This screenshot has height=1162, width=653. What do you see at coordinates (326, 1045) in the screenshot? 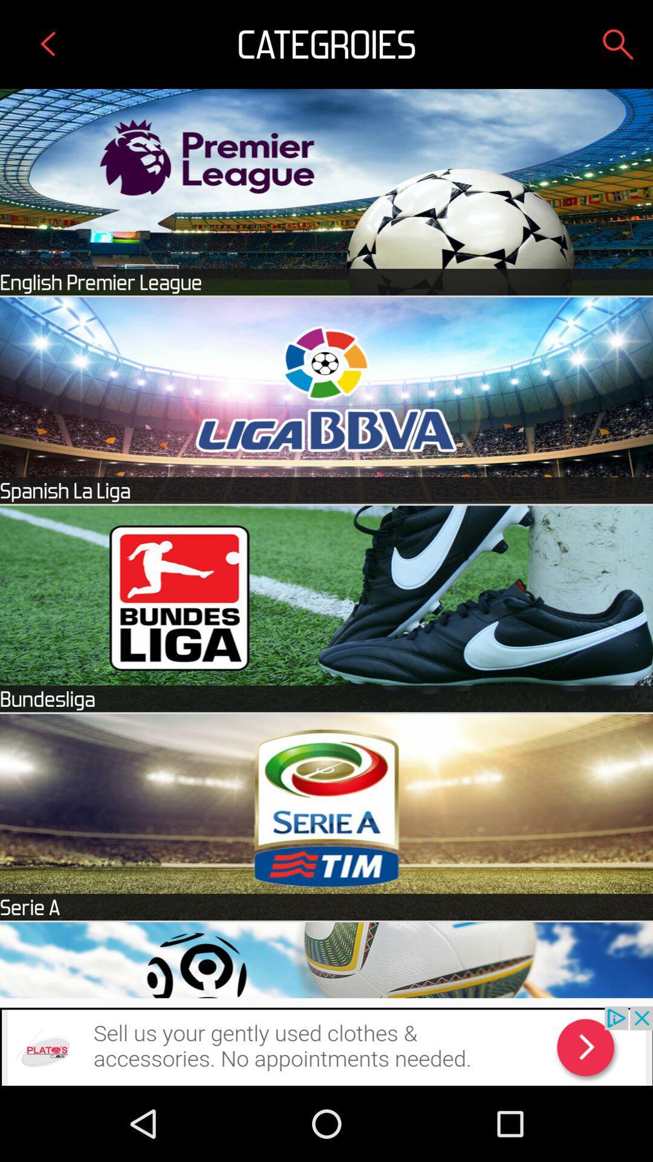
I see `advertisement` at bounding box center [326, 1045].